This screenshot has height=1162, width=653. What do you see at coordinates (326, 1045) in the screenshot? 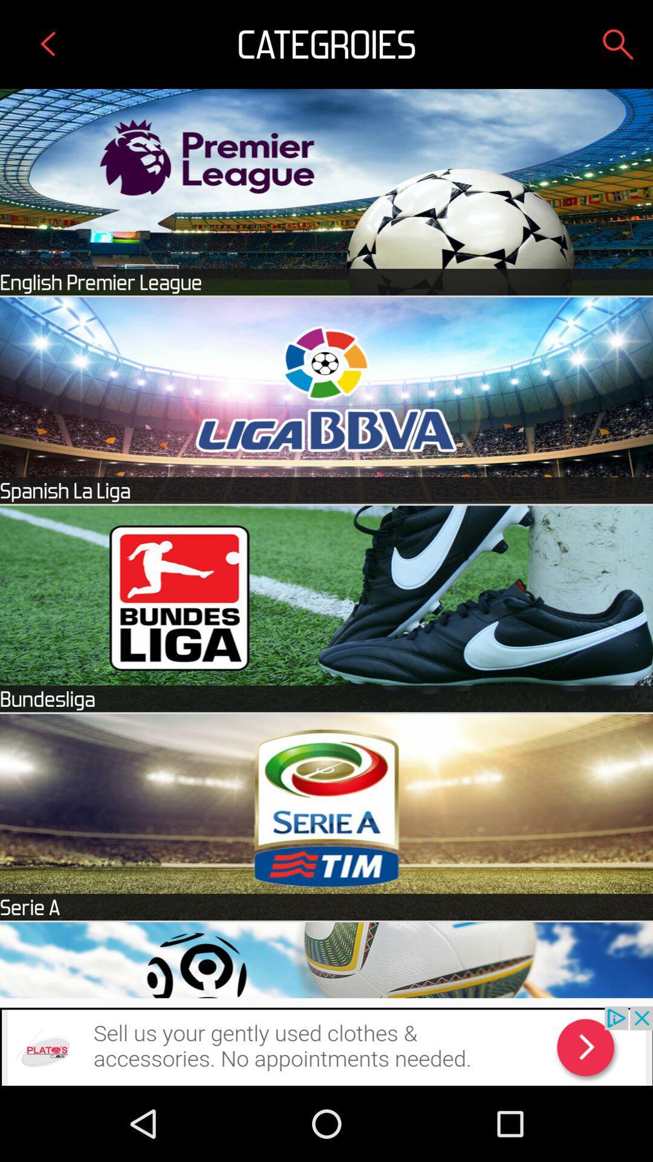
I see `advertisement` at bounding box center [326, 1045].